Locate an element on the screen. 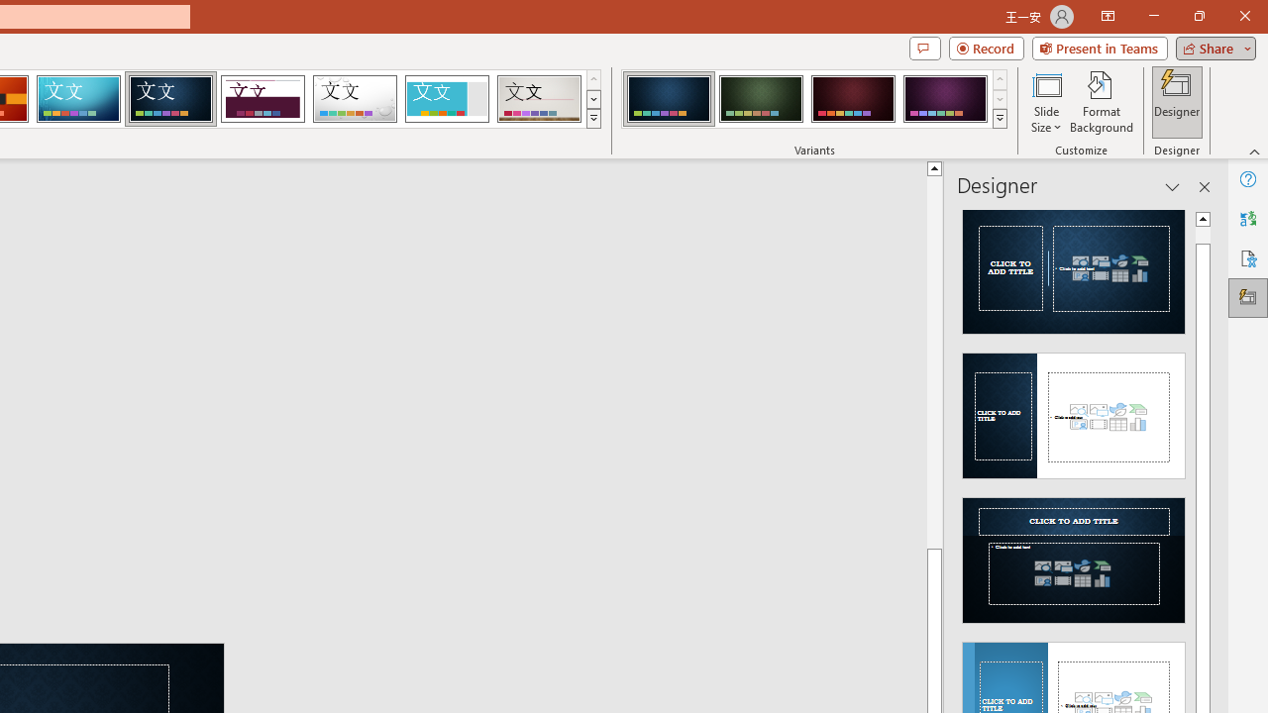 This screenshot has width=1268, height=713. 'Frame' is located at coordinates (446, 99).